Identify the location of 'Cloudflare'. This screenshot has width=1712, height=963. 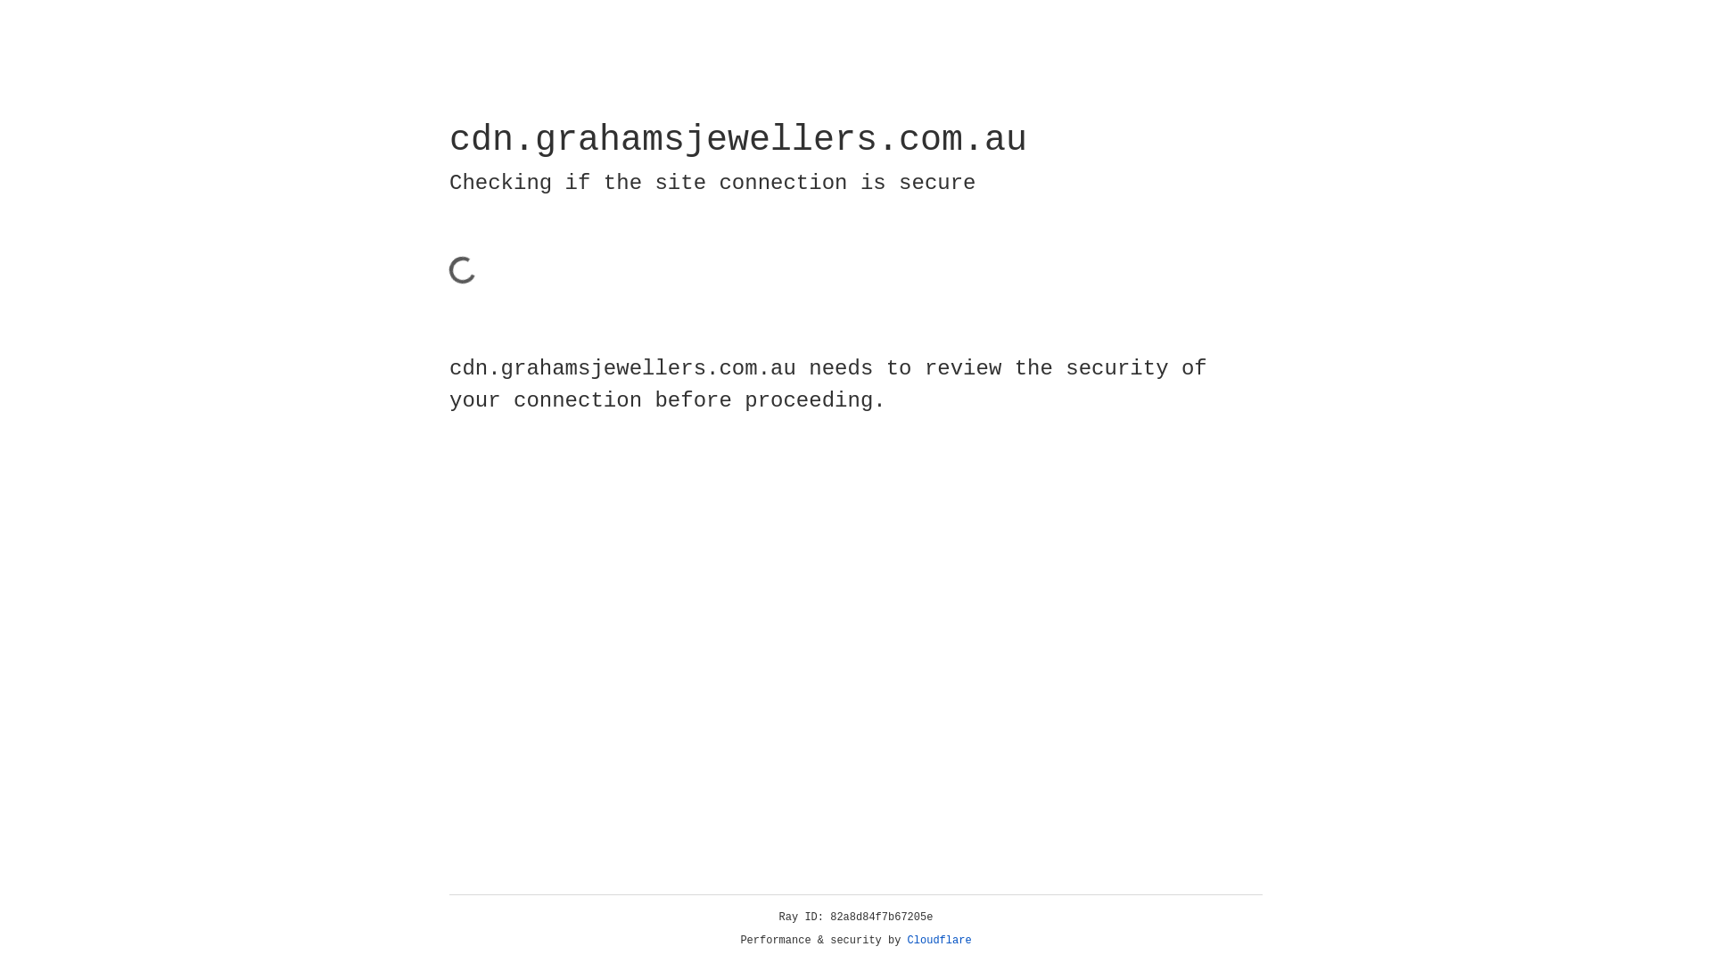
(939, 940).